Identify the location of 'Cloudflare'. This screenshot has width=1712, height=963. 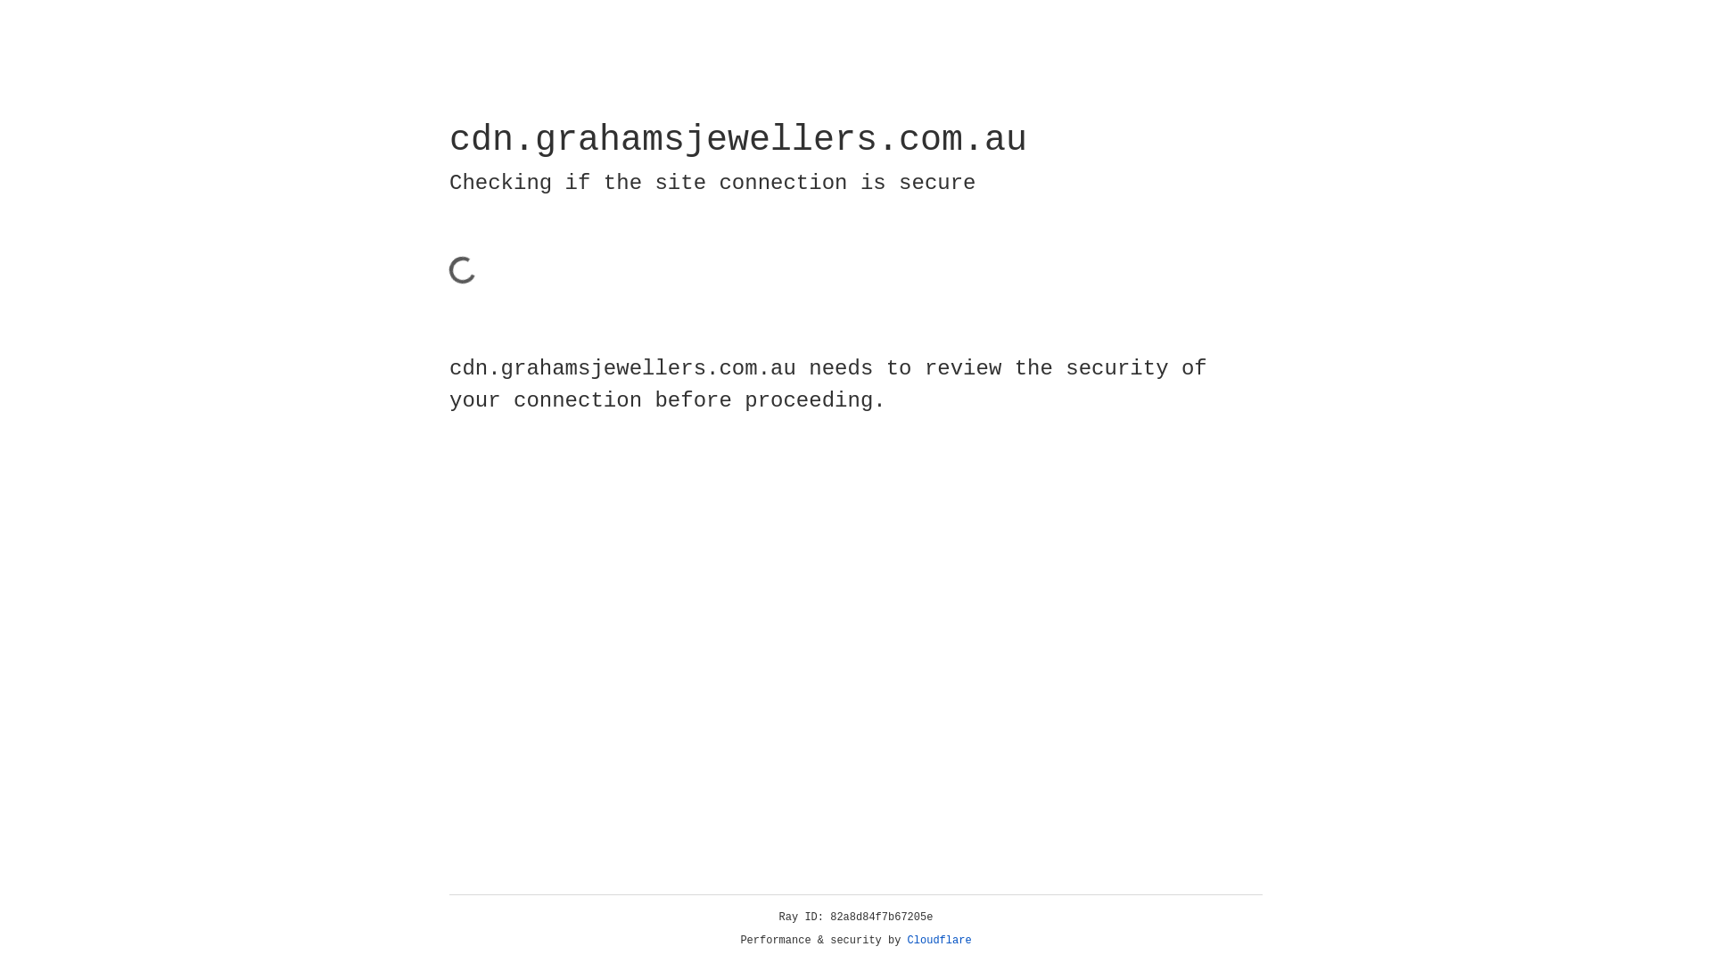
(939, 940).